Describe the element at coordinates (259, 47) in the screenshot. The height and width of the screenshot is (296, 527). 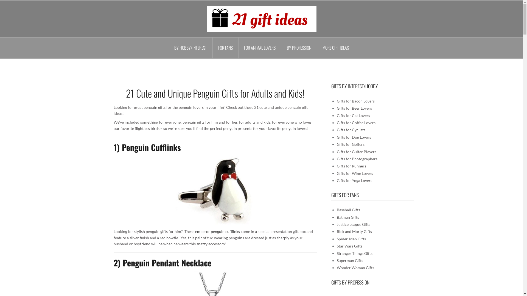
I see `'FOR ANIMAL LOVERS'` at that location.